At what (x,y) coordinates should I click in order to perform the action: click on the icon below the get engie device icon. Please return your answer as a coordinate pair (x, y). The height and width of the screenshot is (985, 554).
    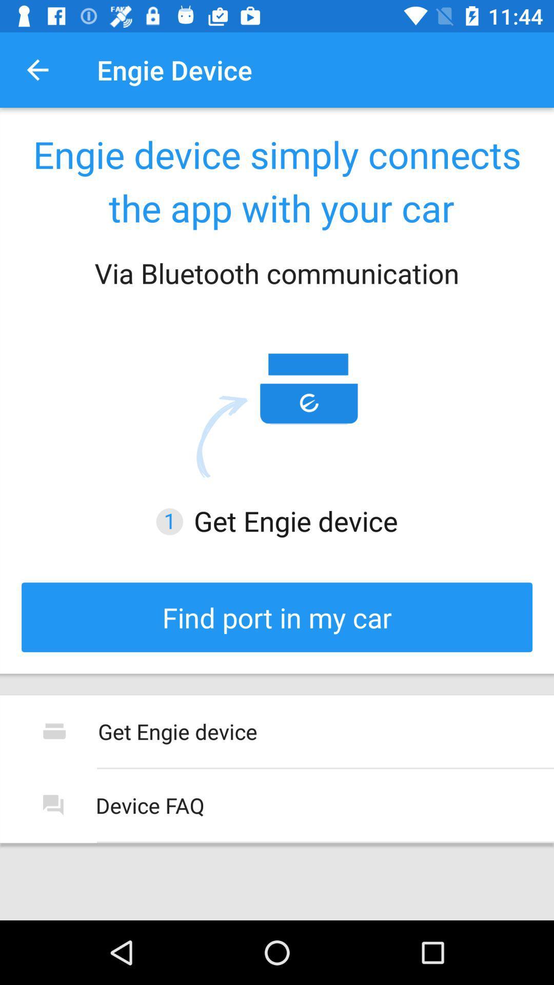
    Looking at the image, I should click on (277, 617).